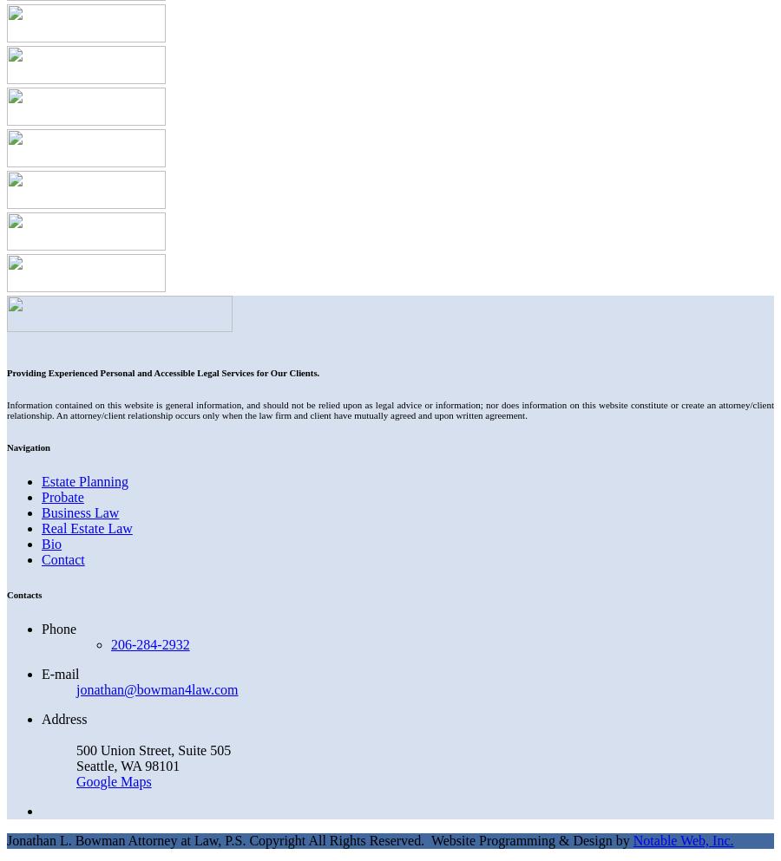 This screenshot has width=781, height=861. I want to click on 'Phone', so click(58, 627).